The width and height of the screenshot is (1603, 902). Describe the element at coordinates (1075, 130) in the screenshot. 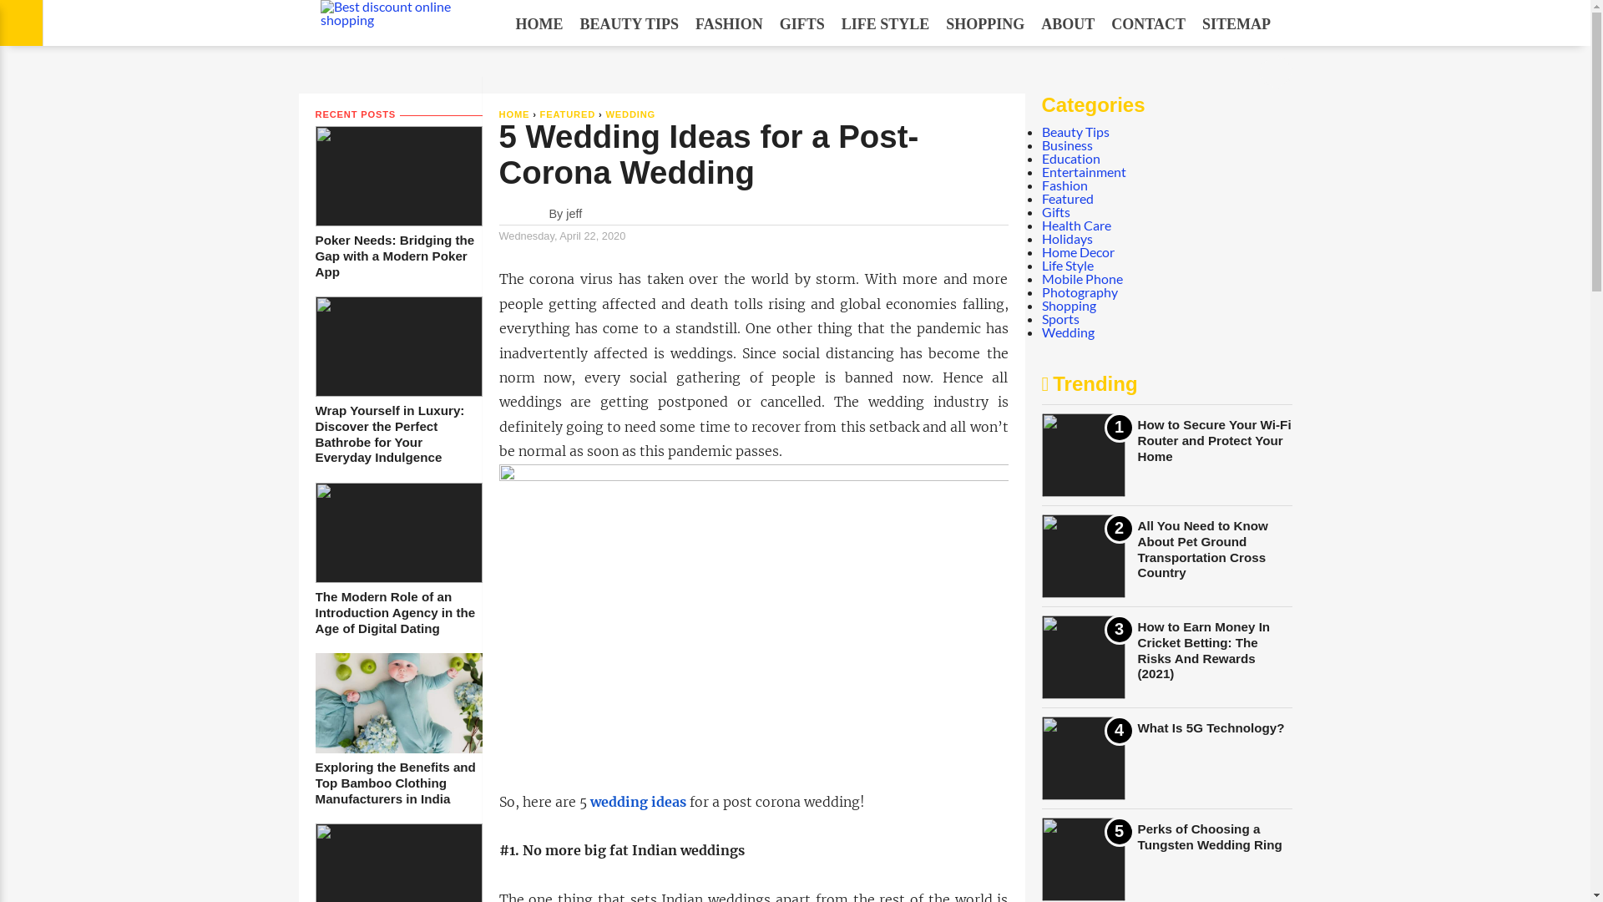

I see `'Beauty Tips'` at that location.